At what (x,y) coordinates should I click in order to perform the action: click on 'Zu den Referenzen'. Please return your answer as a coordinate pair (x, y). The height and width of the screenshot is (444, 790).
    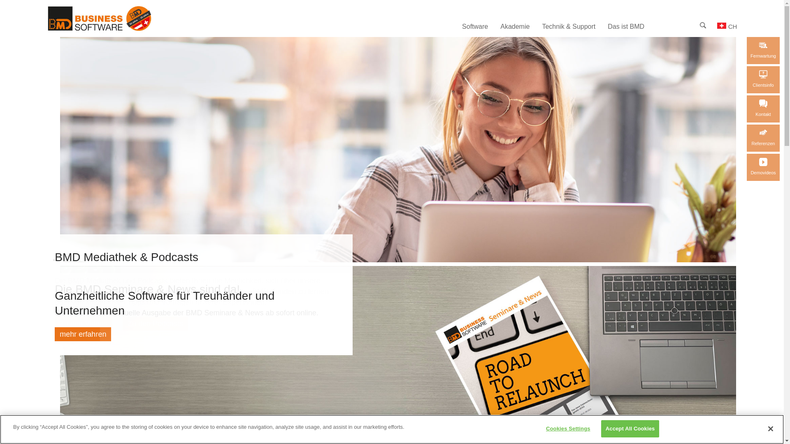
    Looking at the image, I should click on (762, 132).